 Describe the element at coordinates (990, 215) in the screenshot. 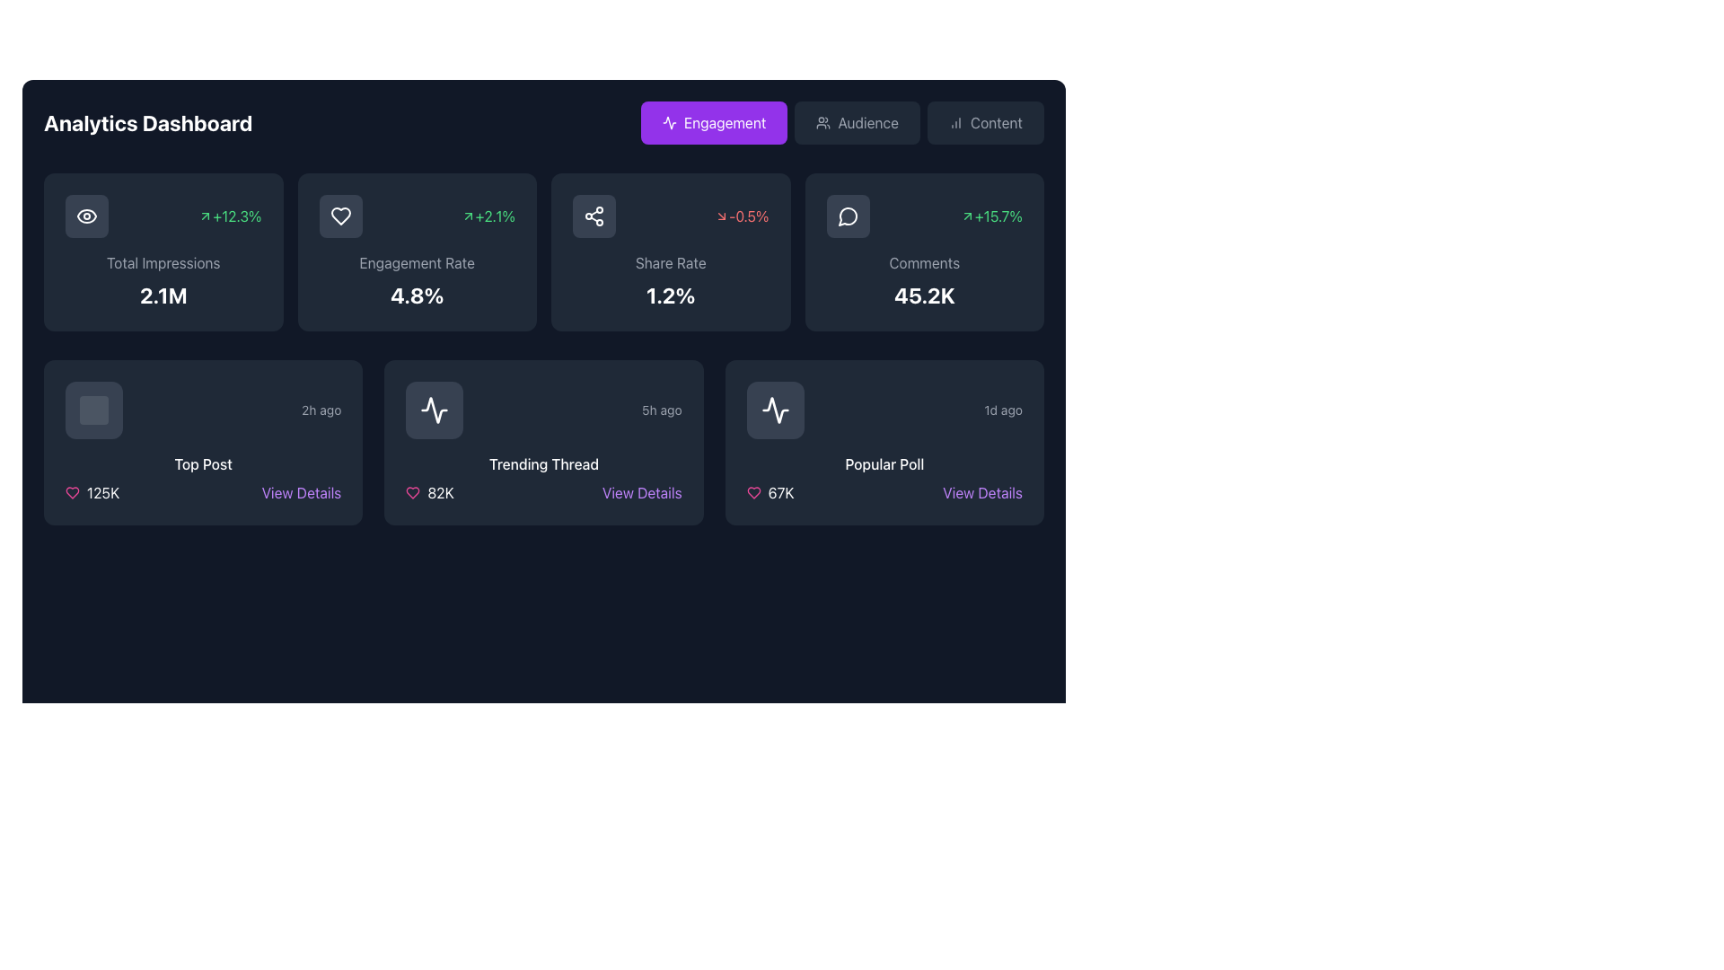

I see `the displayed percentage '+15.7%' next to the upward arrow icon in the top-right section of the 'Comments' panel under the 'Engagement' tab of the analytics dashboard` at that location.